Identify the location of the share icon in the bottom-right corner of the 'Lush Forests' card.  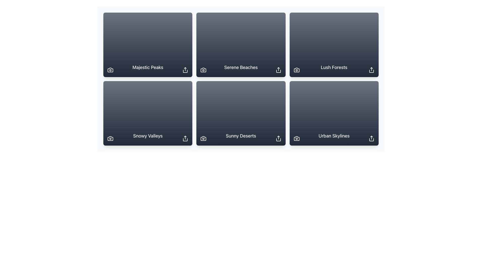
(371, 70).